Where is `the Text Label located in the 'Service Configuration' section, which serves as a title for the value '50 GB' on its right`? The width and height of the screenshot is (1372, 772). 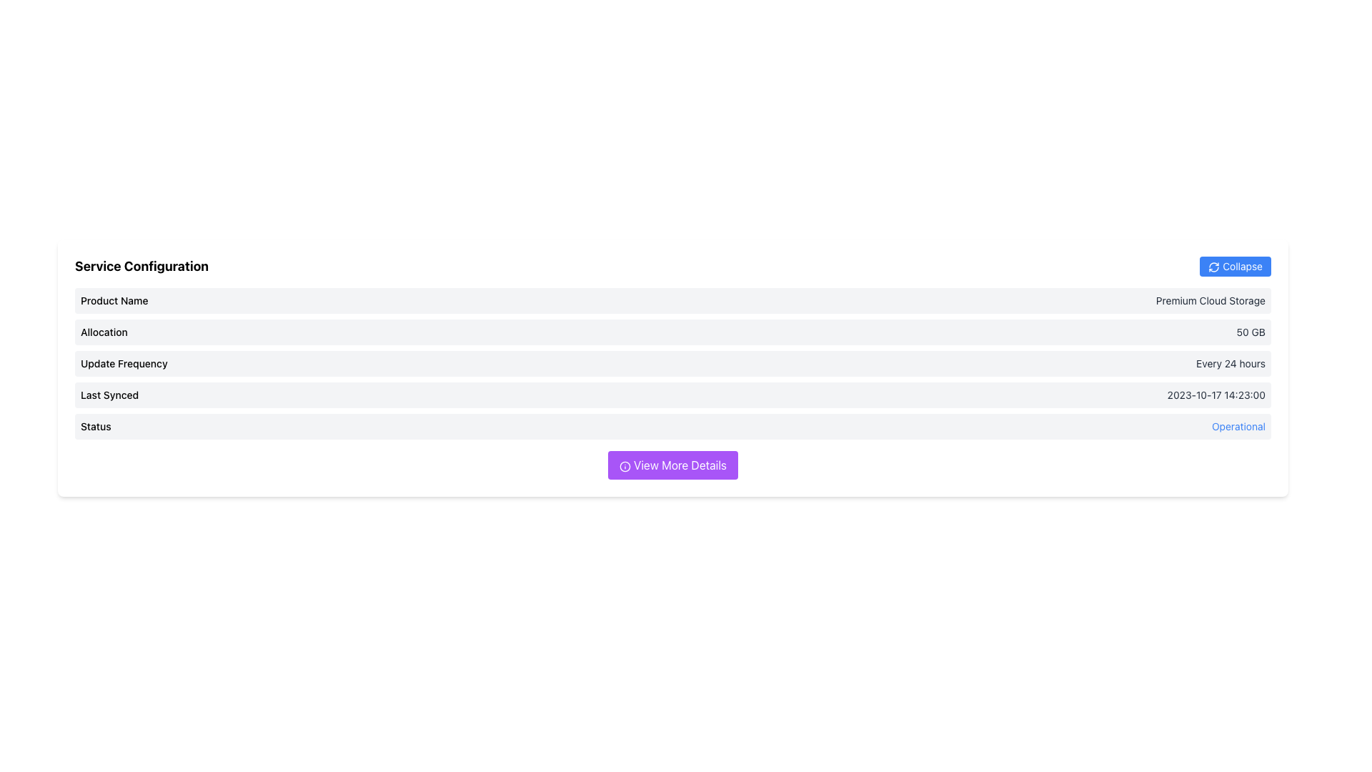 the Text Label located in the 'Service Configuration' section, which serves as a title for the value '50 GB' on its right is located at coordinates (103, 332).